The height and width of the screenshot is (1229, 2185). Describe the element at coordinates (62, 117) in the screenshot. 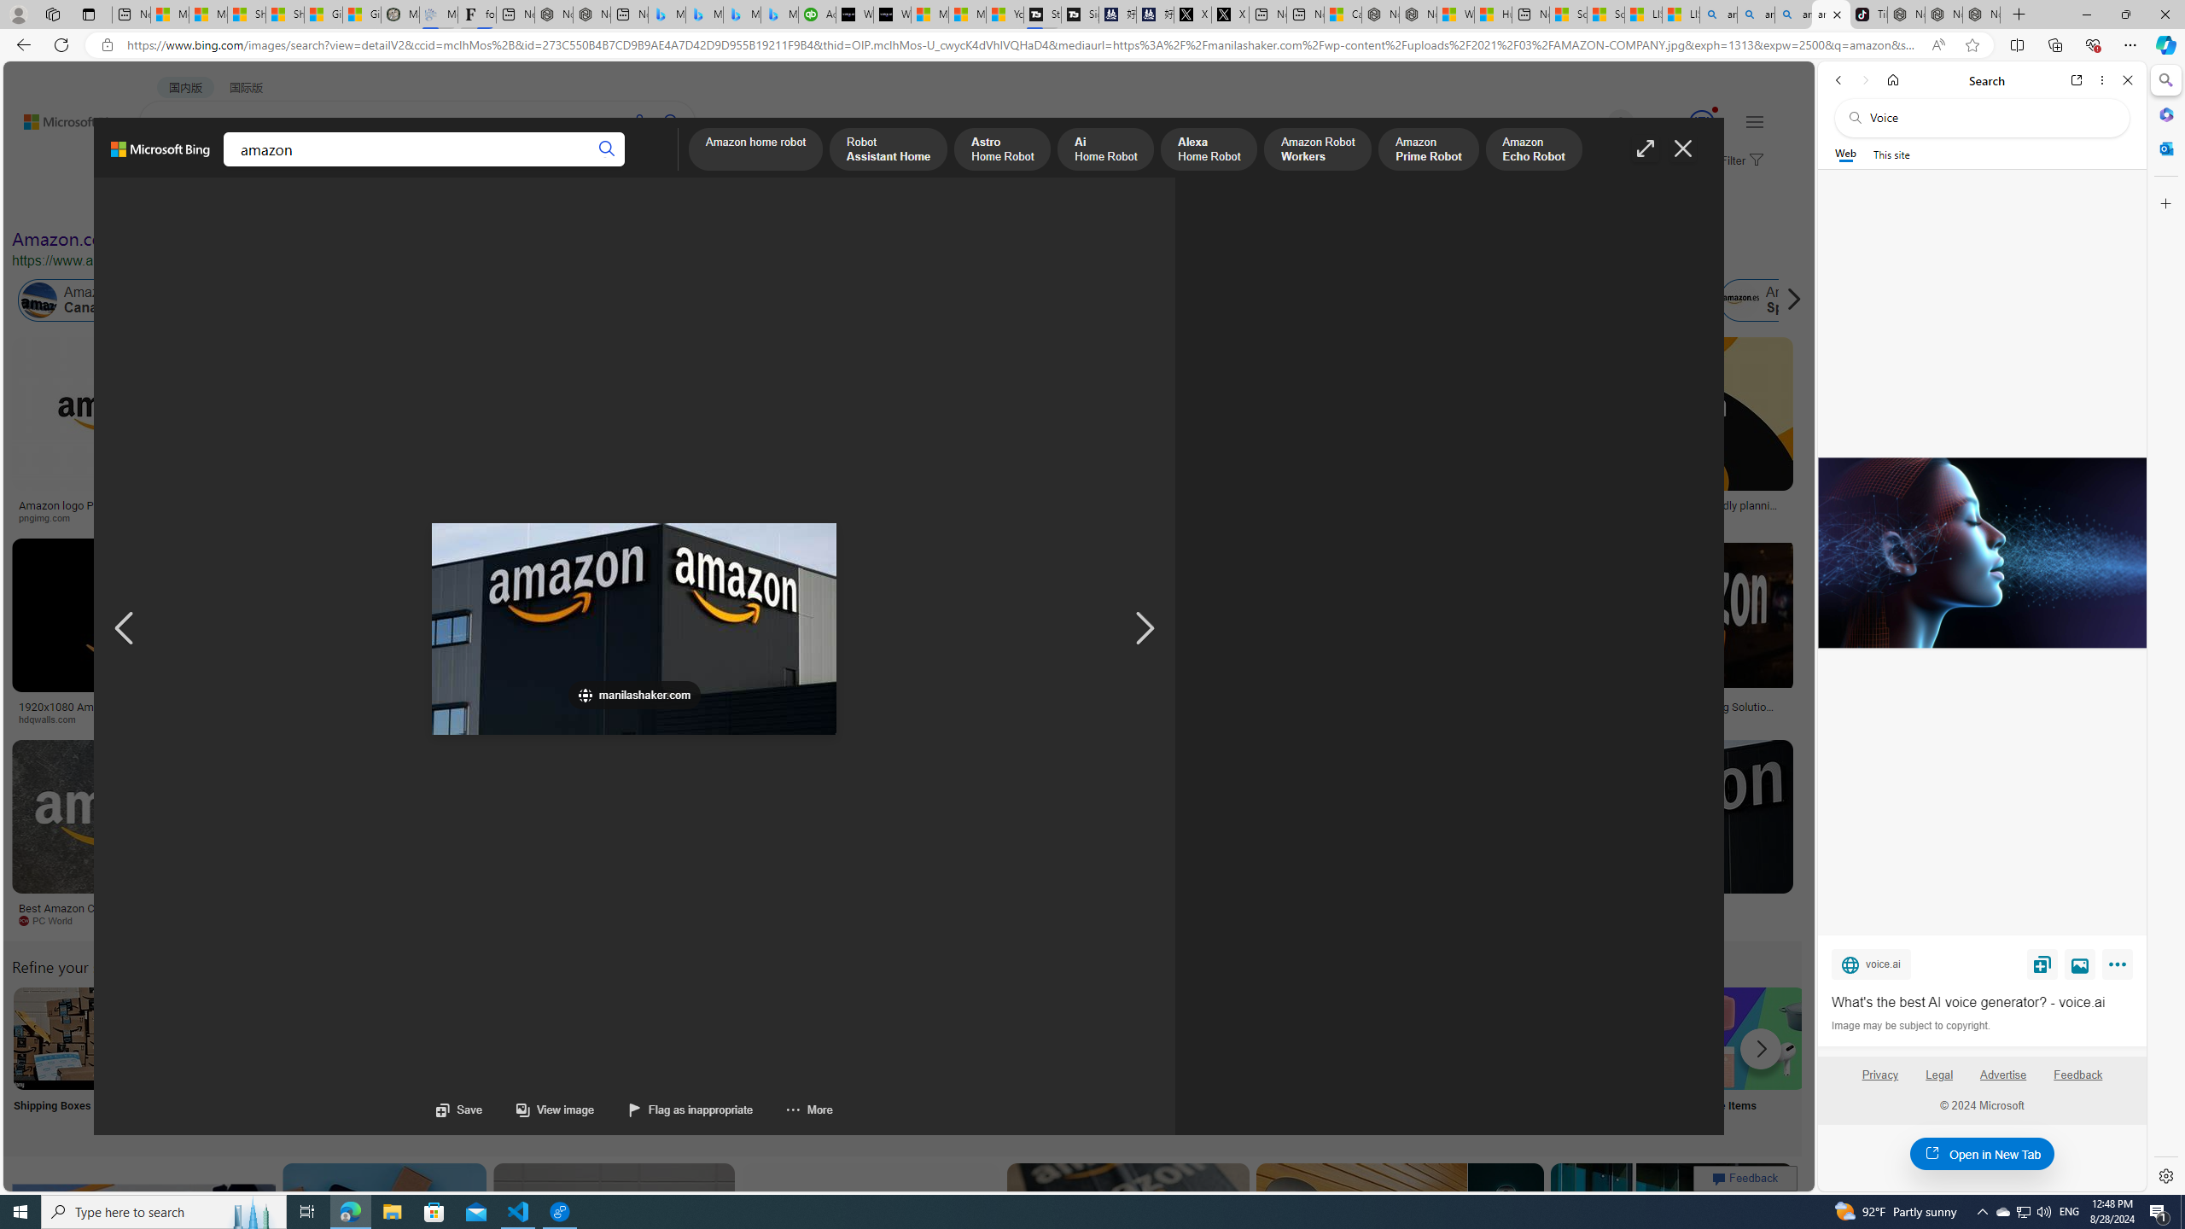

I see `'Back to Bing search'` at that location.